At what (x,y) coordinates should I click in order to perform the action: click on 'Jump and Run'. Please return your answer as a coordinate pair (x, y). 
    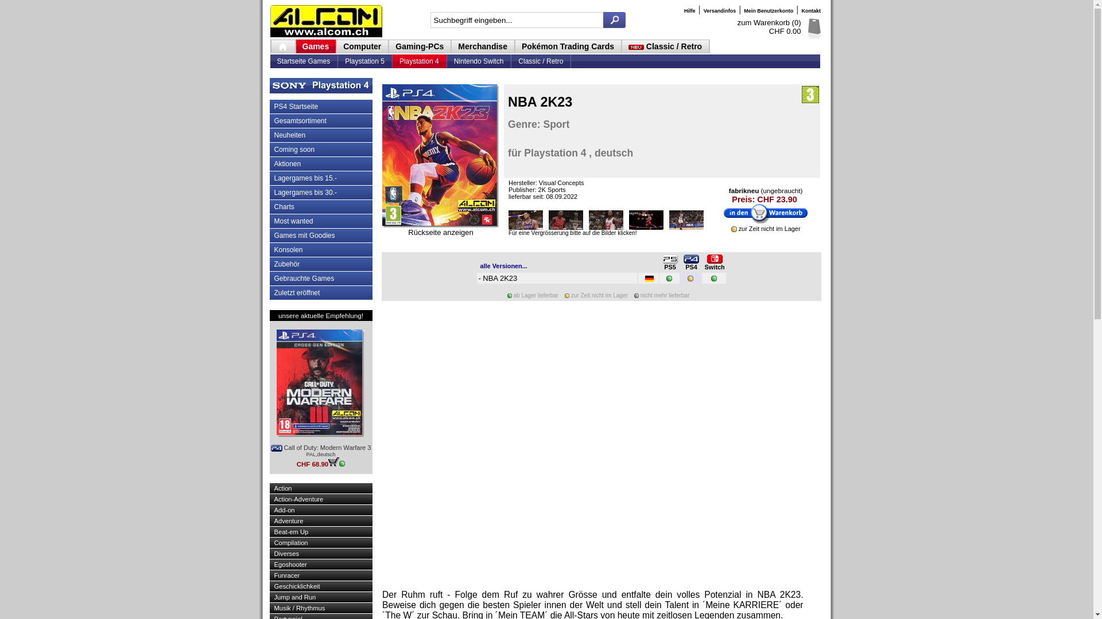
    Looking at the image, I should click on (321, 596).